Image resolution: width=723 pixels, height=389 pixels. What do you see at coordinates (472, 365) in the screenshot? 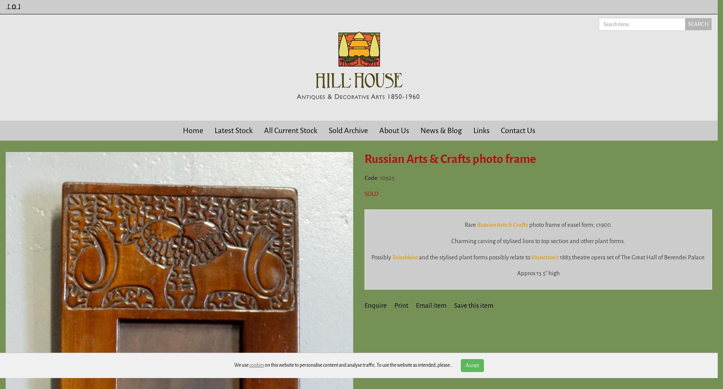
I see `'Accept'` at bounding box center [472, 365].